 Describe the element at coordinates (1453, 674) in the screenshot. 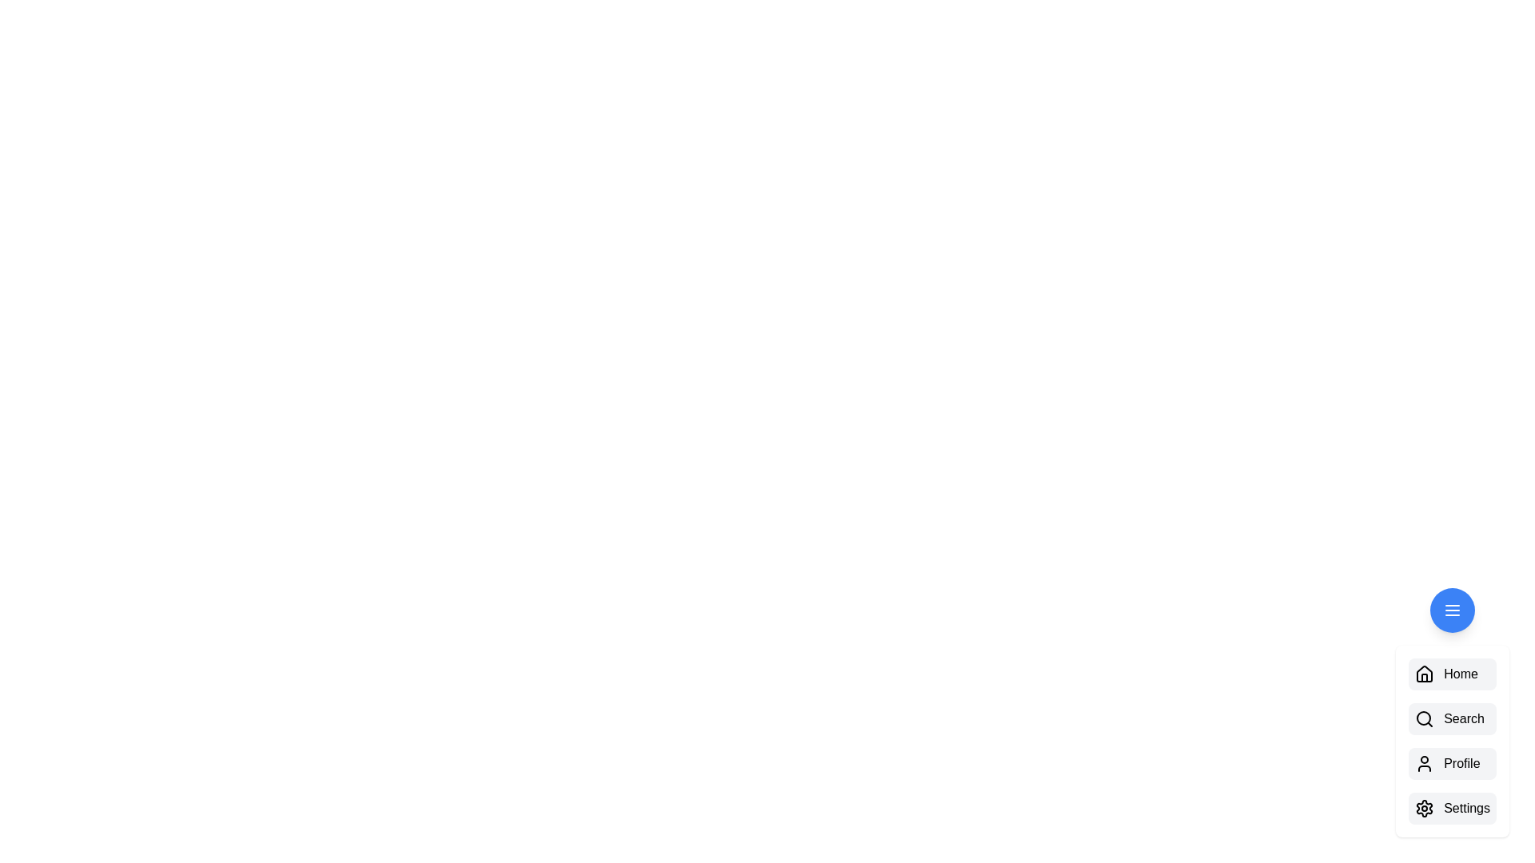

I see `the 'Home' button in the menu` at that location.